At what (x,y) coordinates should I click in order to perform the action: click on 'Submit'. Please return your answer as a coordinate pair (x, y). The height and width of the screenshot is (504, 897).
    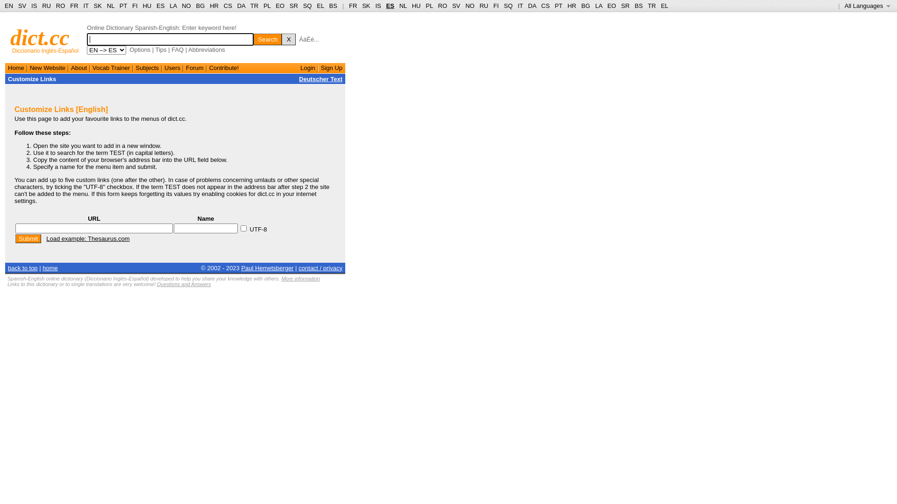
    Looking at the image, I should click on (28, 238).